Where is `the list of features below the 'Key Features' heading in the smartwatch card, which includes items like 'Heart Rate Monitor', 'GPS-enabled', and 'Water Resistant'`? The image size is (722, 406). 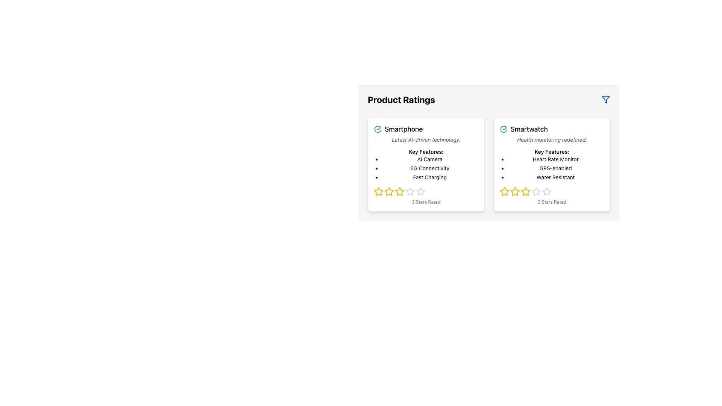 the list of features below the 'Key Features' heading in the smartwatch card, which includes items like 'Heart Rate Monitor', 'GPS-enabled', and 'Water Resistant' is located at coordinates (555, 168).